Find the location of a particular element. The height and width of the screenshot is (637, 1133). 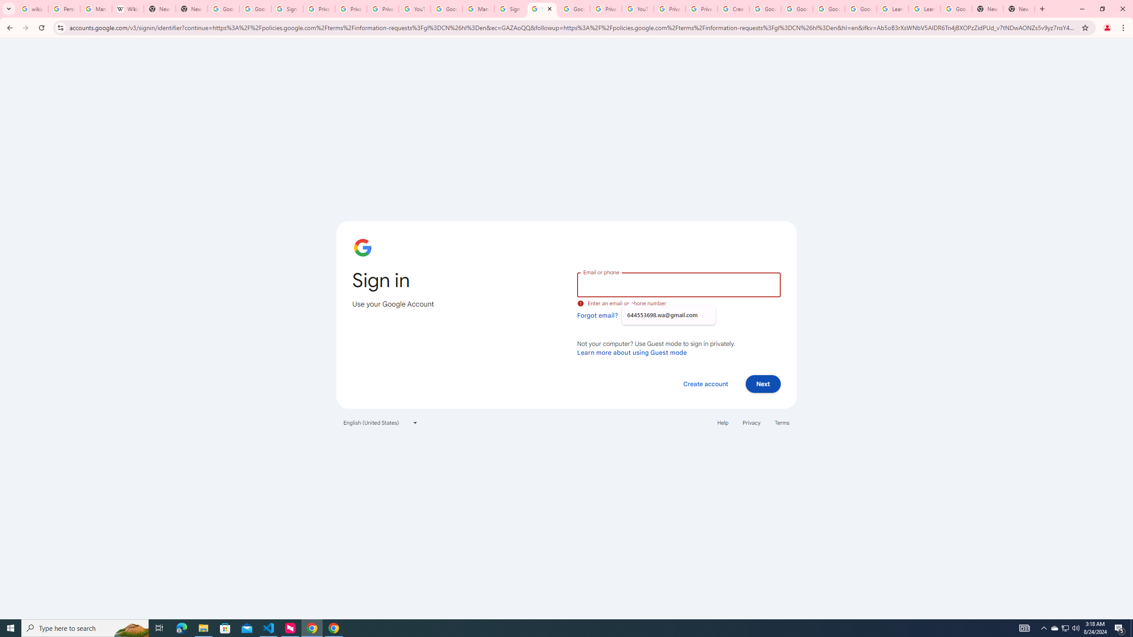

'Wikipedia:Edit requests - Wikipedia' is located at coordinates (127, 8).